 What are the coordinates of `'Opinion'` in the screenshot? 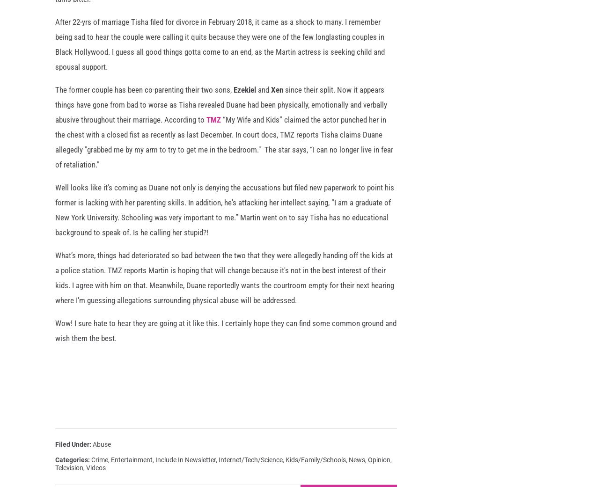 It's located at (368, 466).